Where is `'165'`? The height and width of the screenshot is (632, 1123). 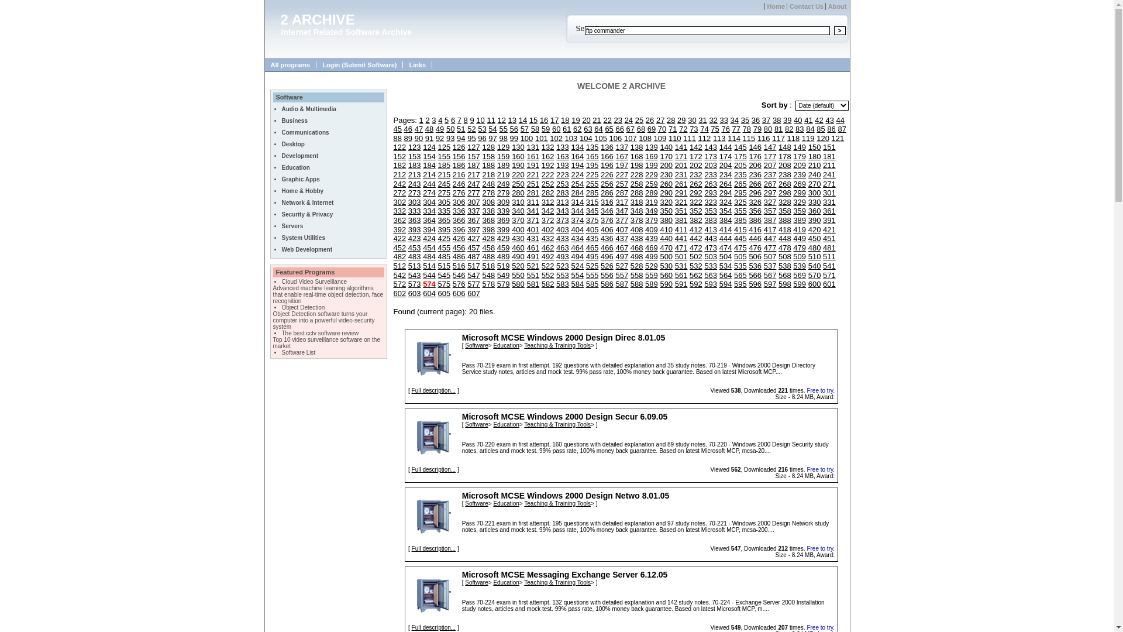 '165' is located at coordinates (586, 156).